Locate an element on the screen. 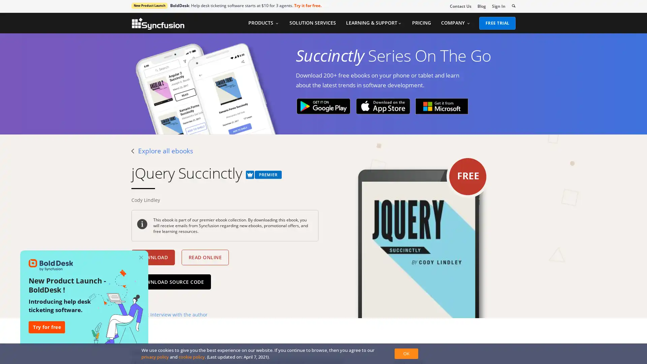  COMPANY is located at coordinates (456, 23).